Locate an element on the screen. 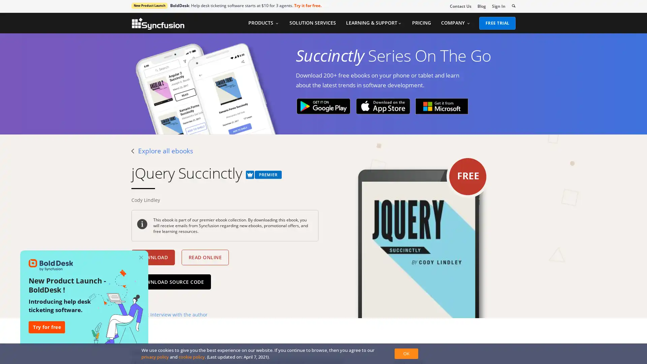  COMPANY is located at coordinates (456, 23).